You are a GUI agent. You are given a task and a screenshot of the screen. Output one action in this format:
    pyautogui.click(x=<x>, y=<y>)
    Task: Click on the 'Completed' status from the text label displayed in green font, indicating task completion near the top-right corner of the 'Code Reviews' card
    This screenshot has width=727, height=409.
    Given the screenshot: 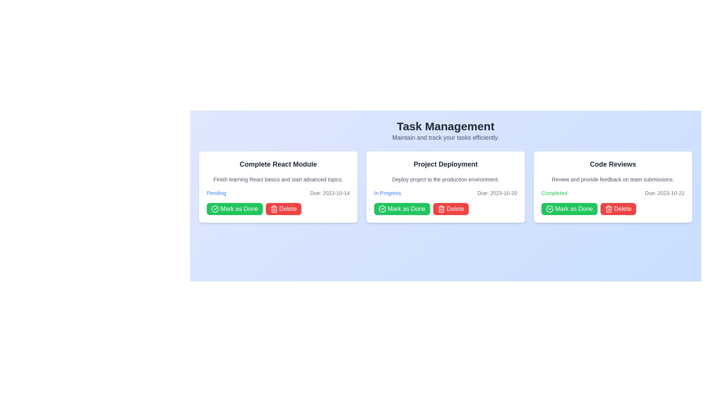 What is the action you would take?
    pyautogui.click(x=554, y=192)
    